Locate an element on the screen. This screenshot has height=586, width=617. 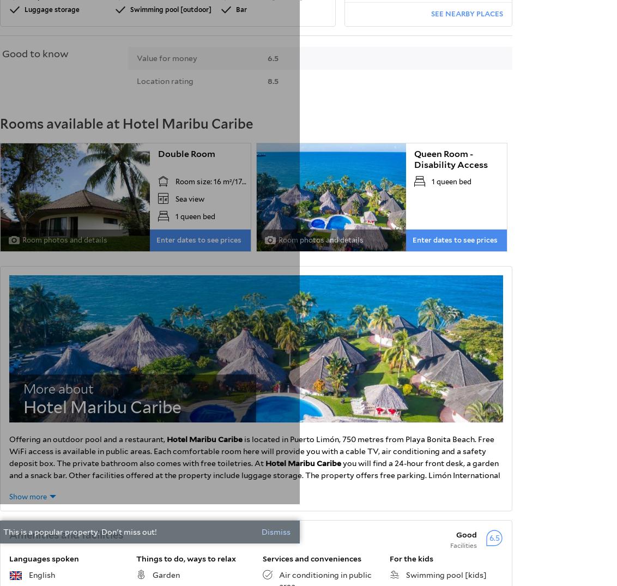
'118.9 km' is located at coordinates (482, 21).